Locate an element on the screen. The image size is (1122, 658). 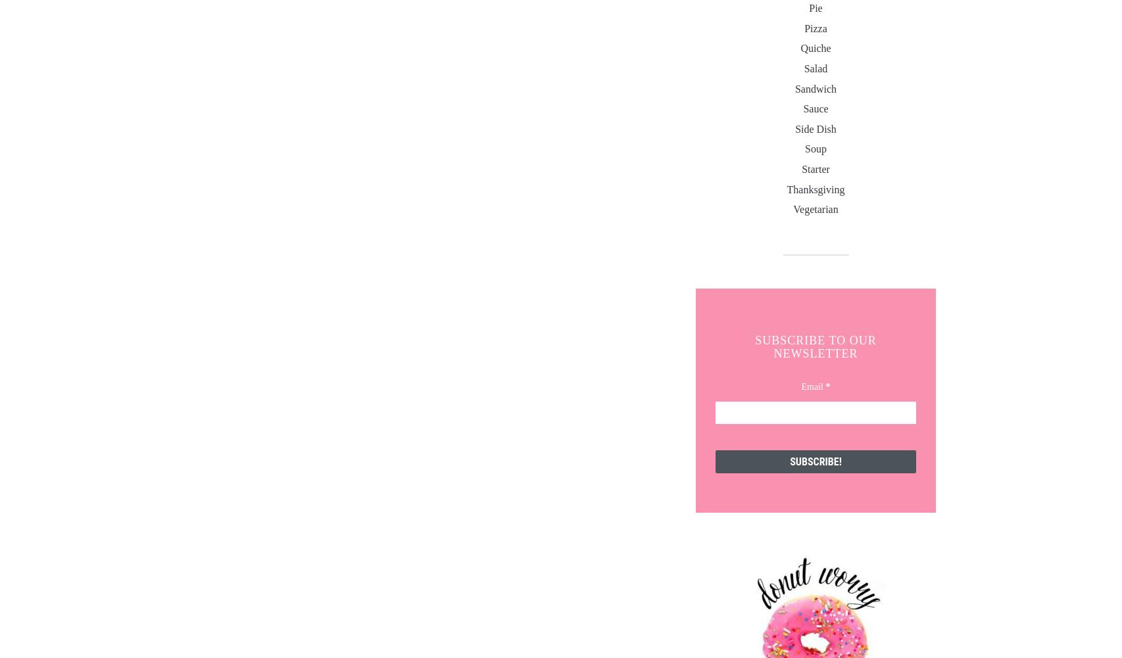
'starter' is located at coordinates (815, 168).